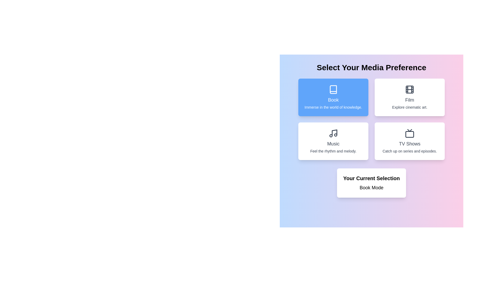 The height and width of the screenshot is (282, 502). What do you see at coordinates (409, 141) in the screenshot?
I see `the media preference TV Shows by clicking on its corresponding button` at bounding box center [409, 141].